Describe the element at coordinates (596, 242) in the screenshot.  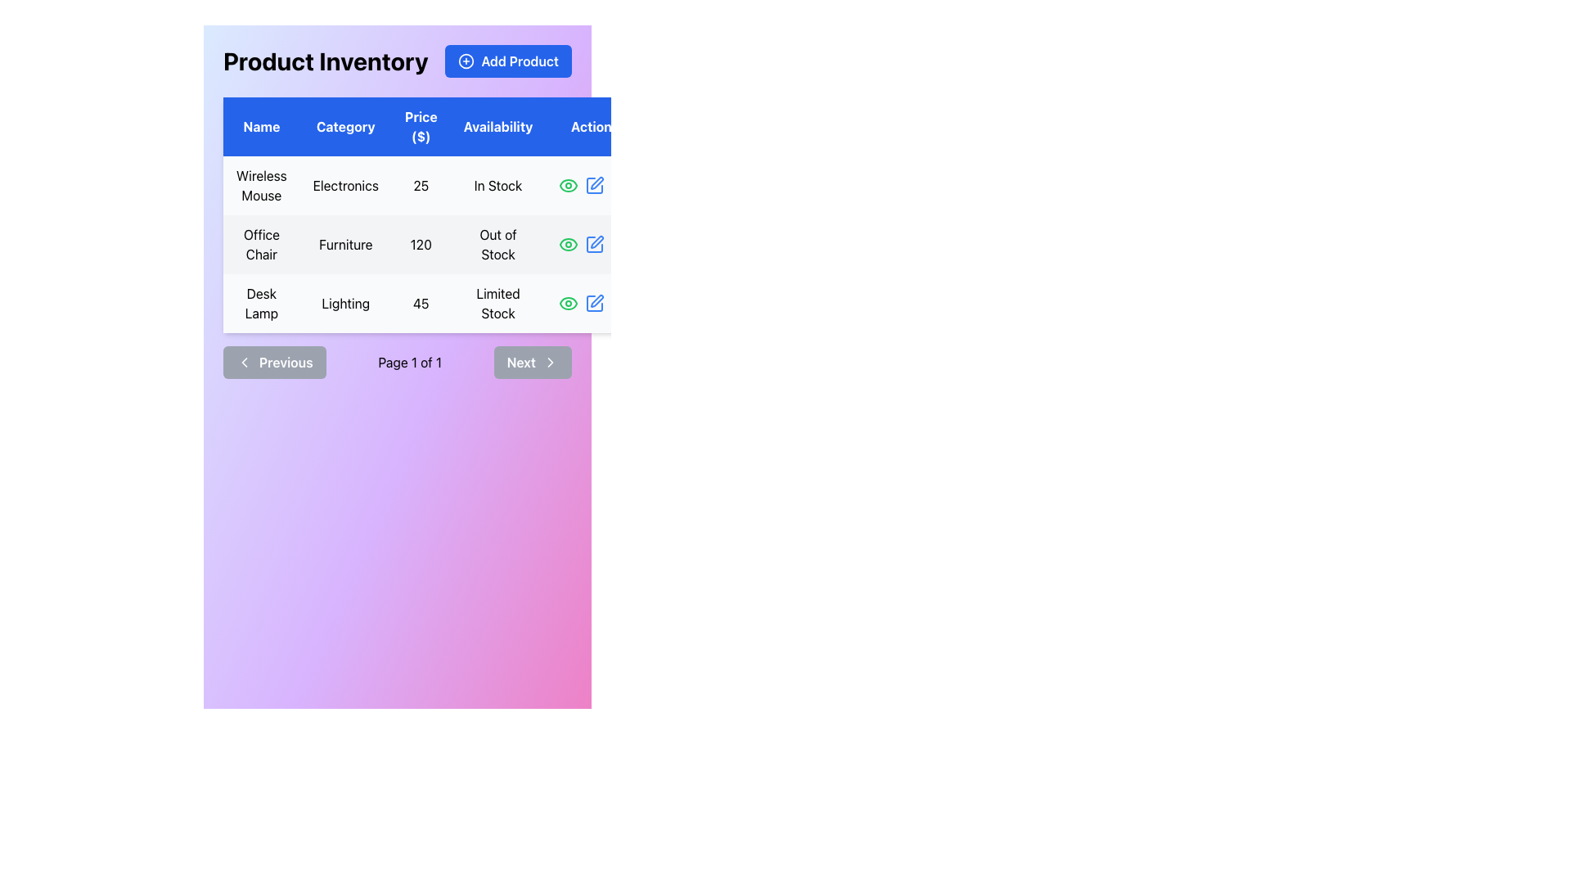
I see `the edit icon in the Action column of the second row to initiate editing for the 'Office Chair' entry` at that location.